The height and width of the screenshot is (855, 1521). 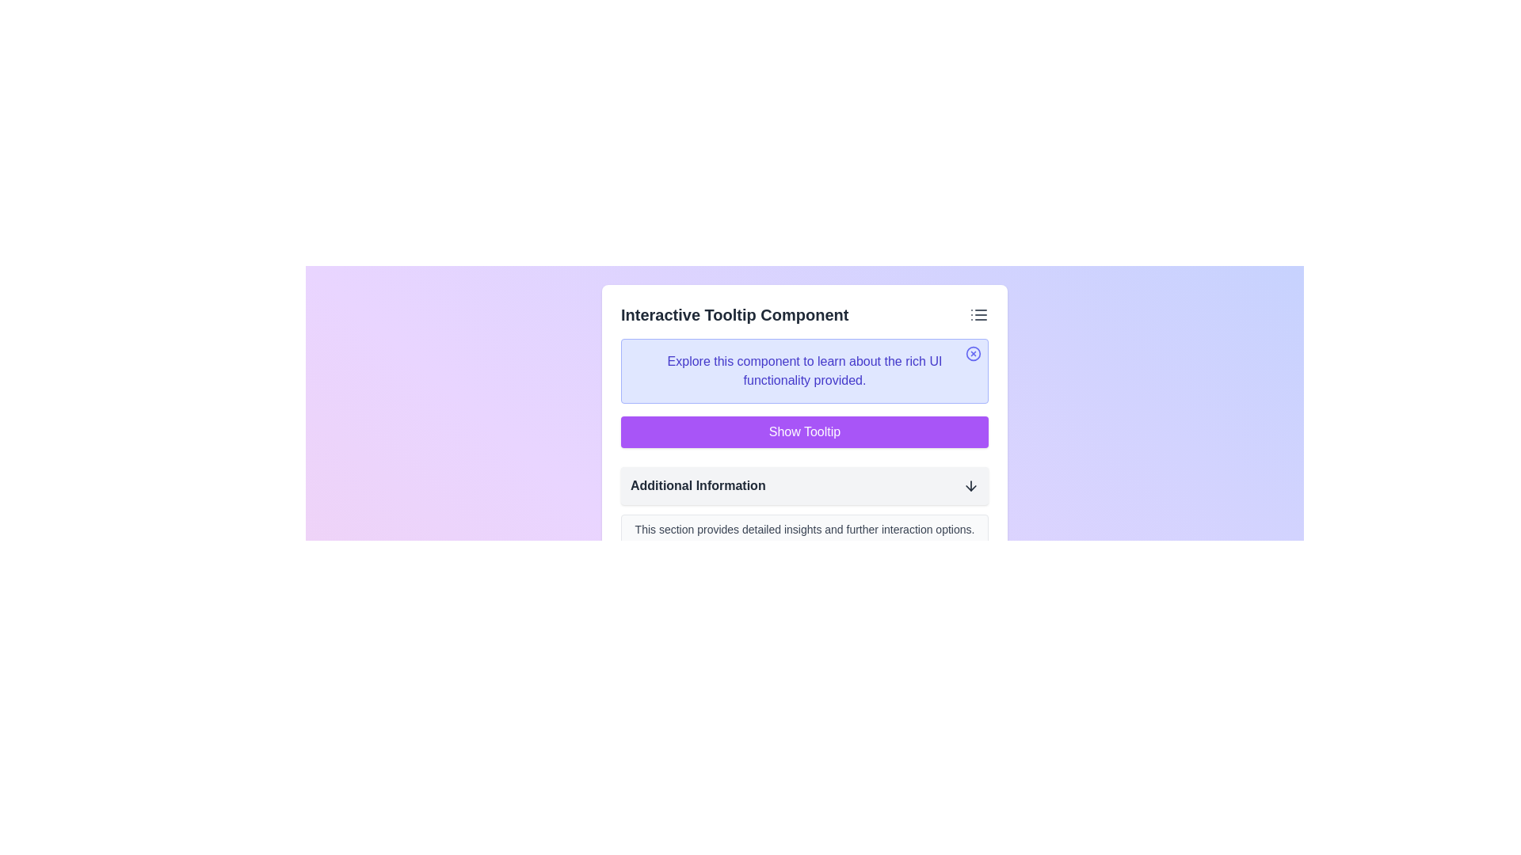 I want to click on the action icon of the 'Interactive Tooltip Component', so click(x=805, y=314).